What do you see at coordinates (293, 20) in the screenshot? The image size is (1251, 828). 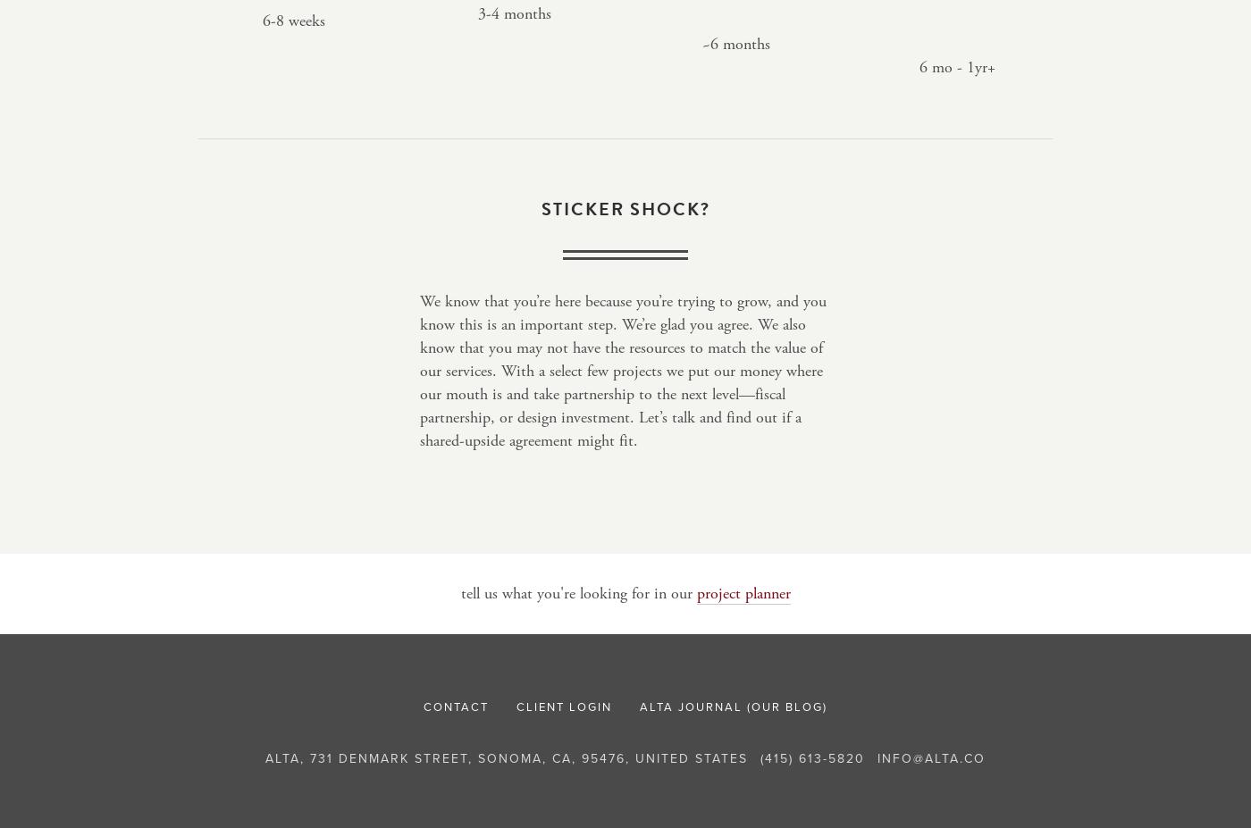 I see `'6-8 weeks'` at bounding box center [293, 20].